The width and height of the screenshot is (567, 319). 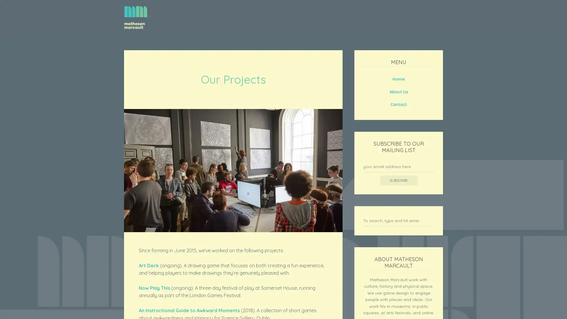 I want to click on Subscribe, so click(x=398, y=180).